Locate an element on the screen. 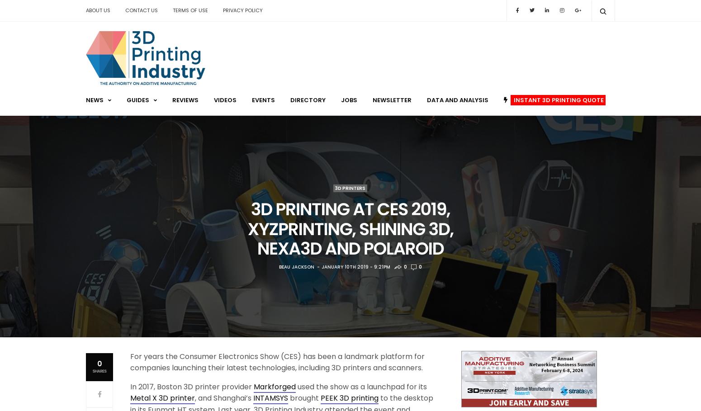  'Shares' is located at coordinates (99, 371).